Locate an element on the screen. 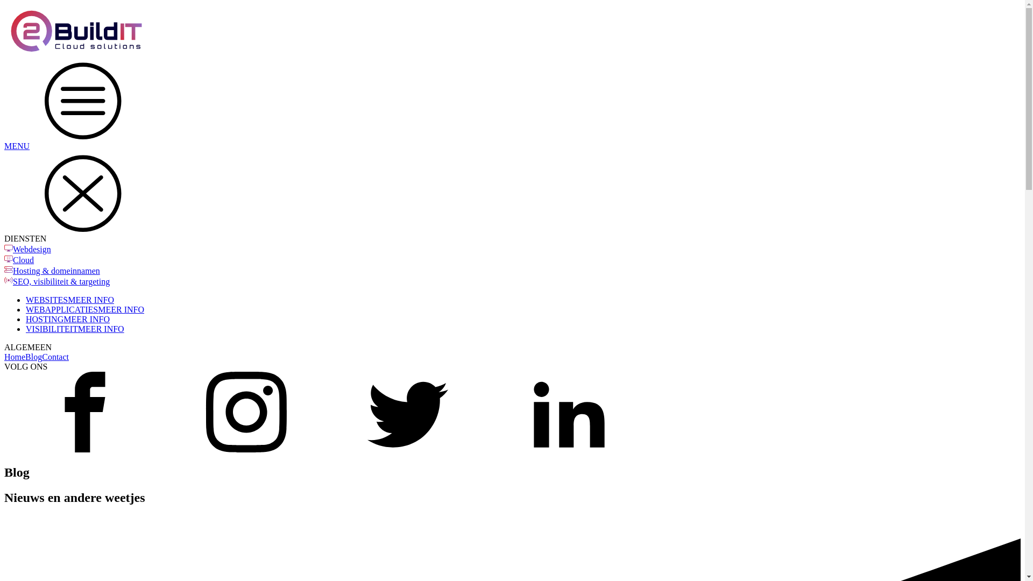  'Cloud' is located at coordinates (23, 260).